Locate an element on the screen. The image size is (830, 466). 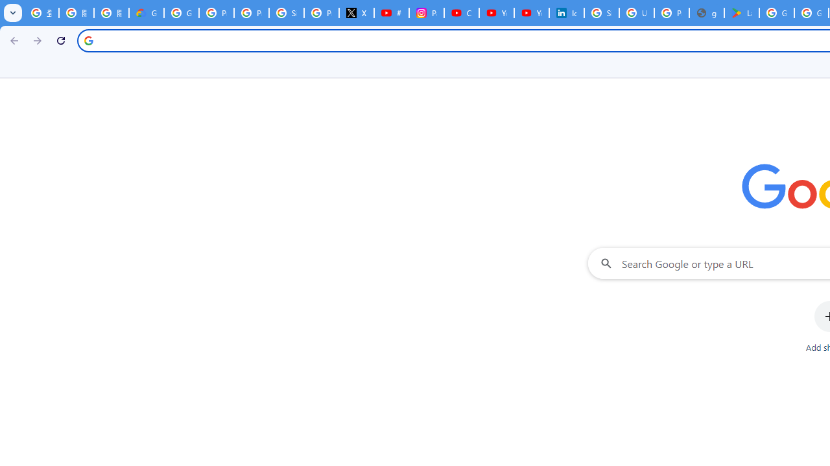
'Last Shelter: Survival - Apps on Google Play' is located at coordinates (742, 13).